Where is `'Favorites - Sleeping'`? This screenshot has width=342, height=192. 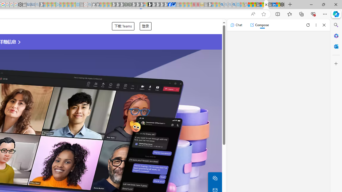
'Favorites - Sleeping' is located at coordinates (246, 5).